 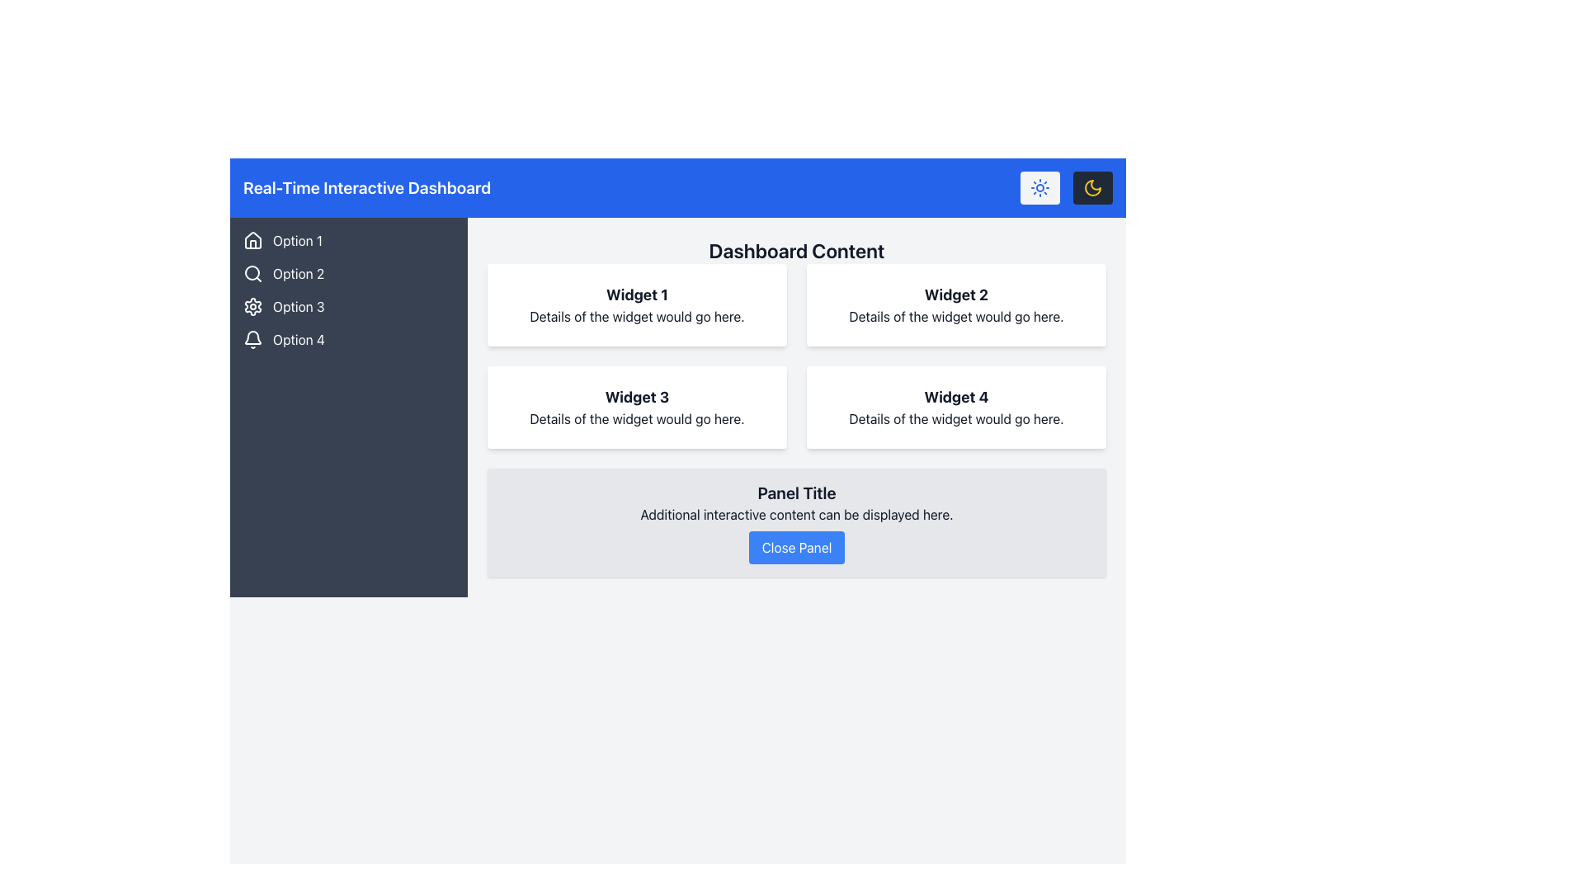 What do you see at coordinates (252, 339) in the screenshot?
I see `the bell icon in the left sidebar navigation panel that represents notifications for 'Option 4'` at bounding box center [252, 339].